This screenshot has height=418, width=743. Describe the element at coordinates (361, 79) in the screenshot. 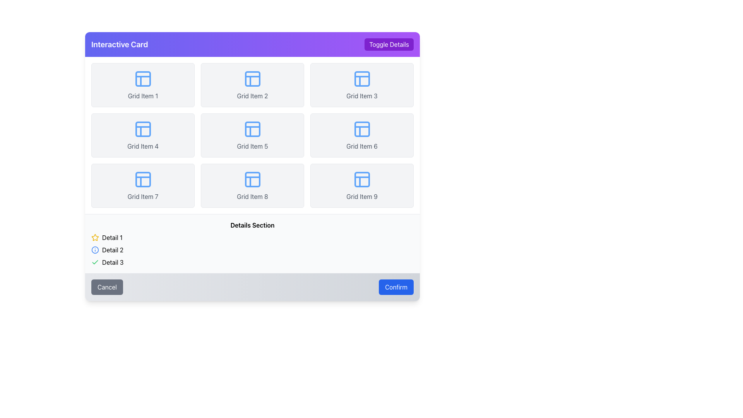

I see `the blue rounded-corner rectangular SVG graphic element located in the top-right grid item labeled 'Grid Item 3'` at that location.